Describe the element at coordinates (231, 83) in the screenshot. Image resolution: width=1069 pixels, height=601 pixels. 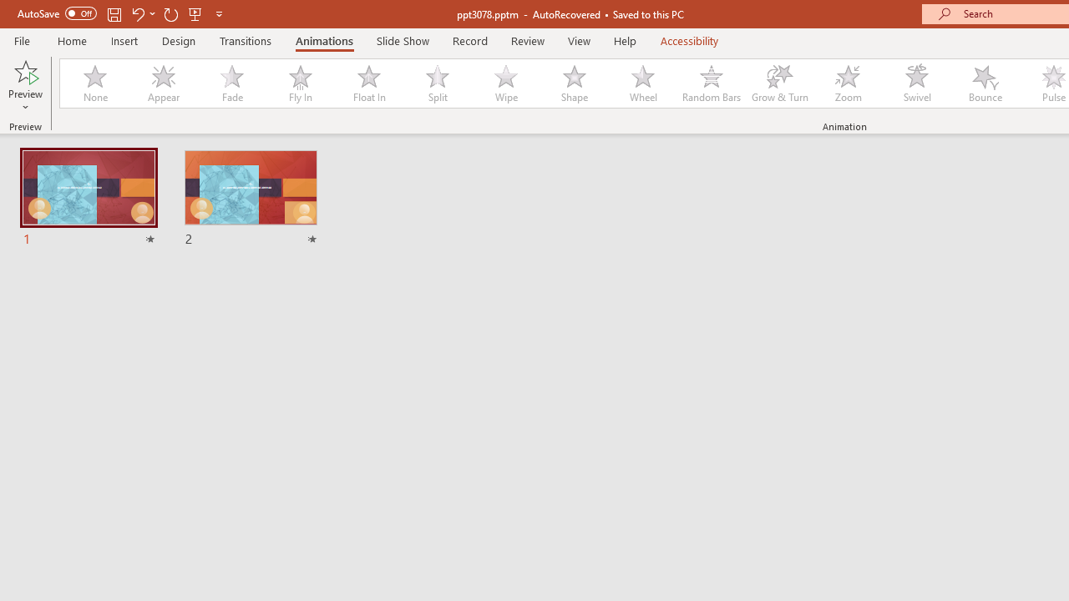
I see `'Fade'` at that location.